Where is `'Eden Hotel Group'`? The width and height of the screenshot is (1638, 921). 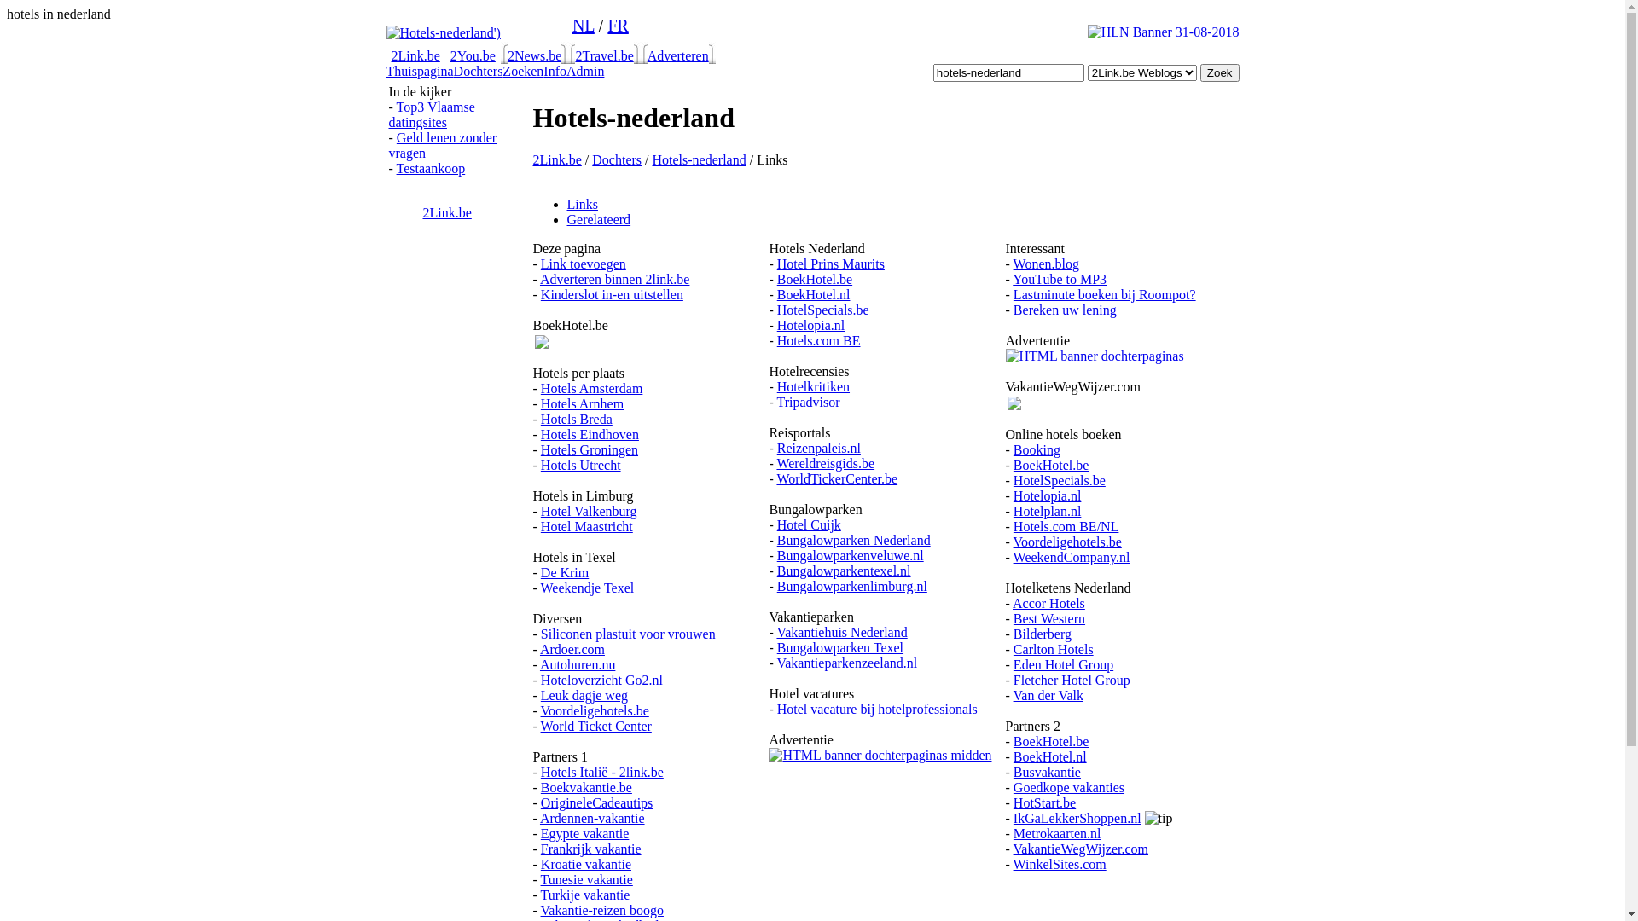 'Eden Hotel Group' is located at coordinates (1062, 663).